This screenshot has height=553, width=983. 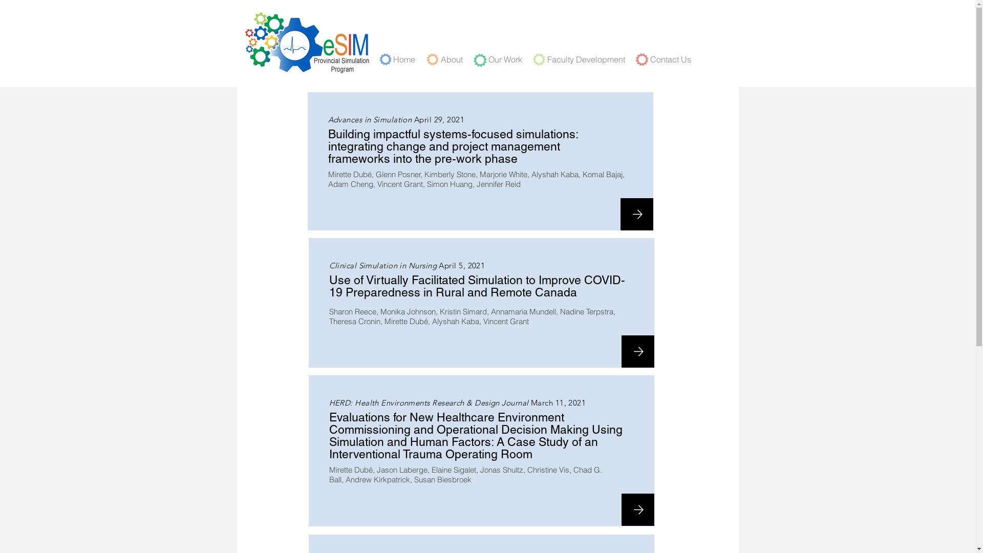 I want to click on 'Jonas Shultz', so click(x=501, y=470).